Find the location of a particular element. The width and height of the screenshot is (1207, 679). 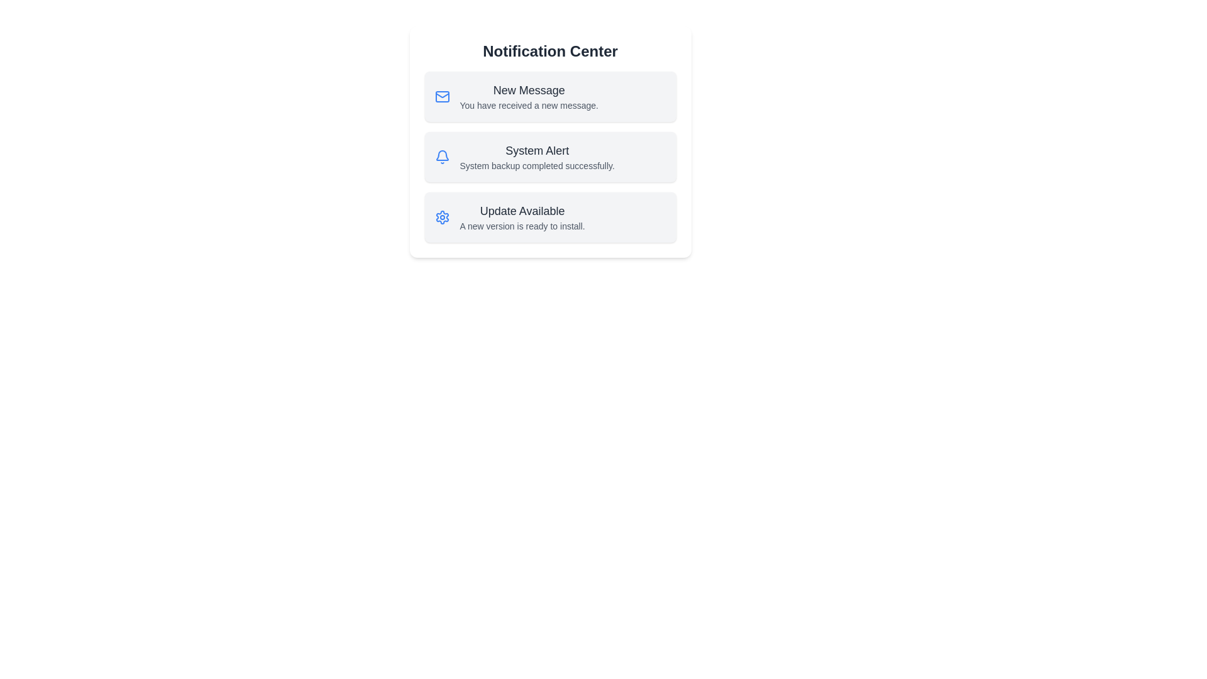

the second notification card in the Notification Center that provides information about a successful system backup is located at coordinates (550, 157).